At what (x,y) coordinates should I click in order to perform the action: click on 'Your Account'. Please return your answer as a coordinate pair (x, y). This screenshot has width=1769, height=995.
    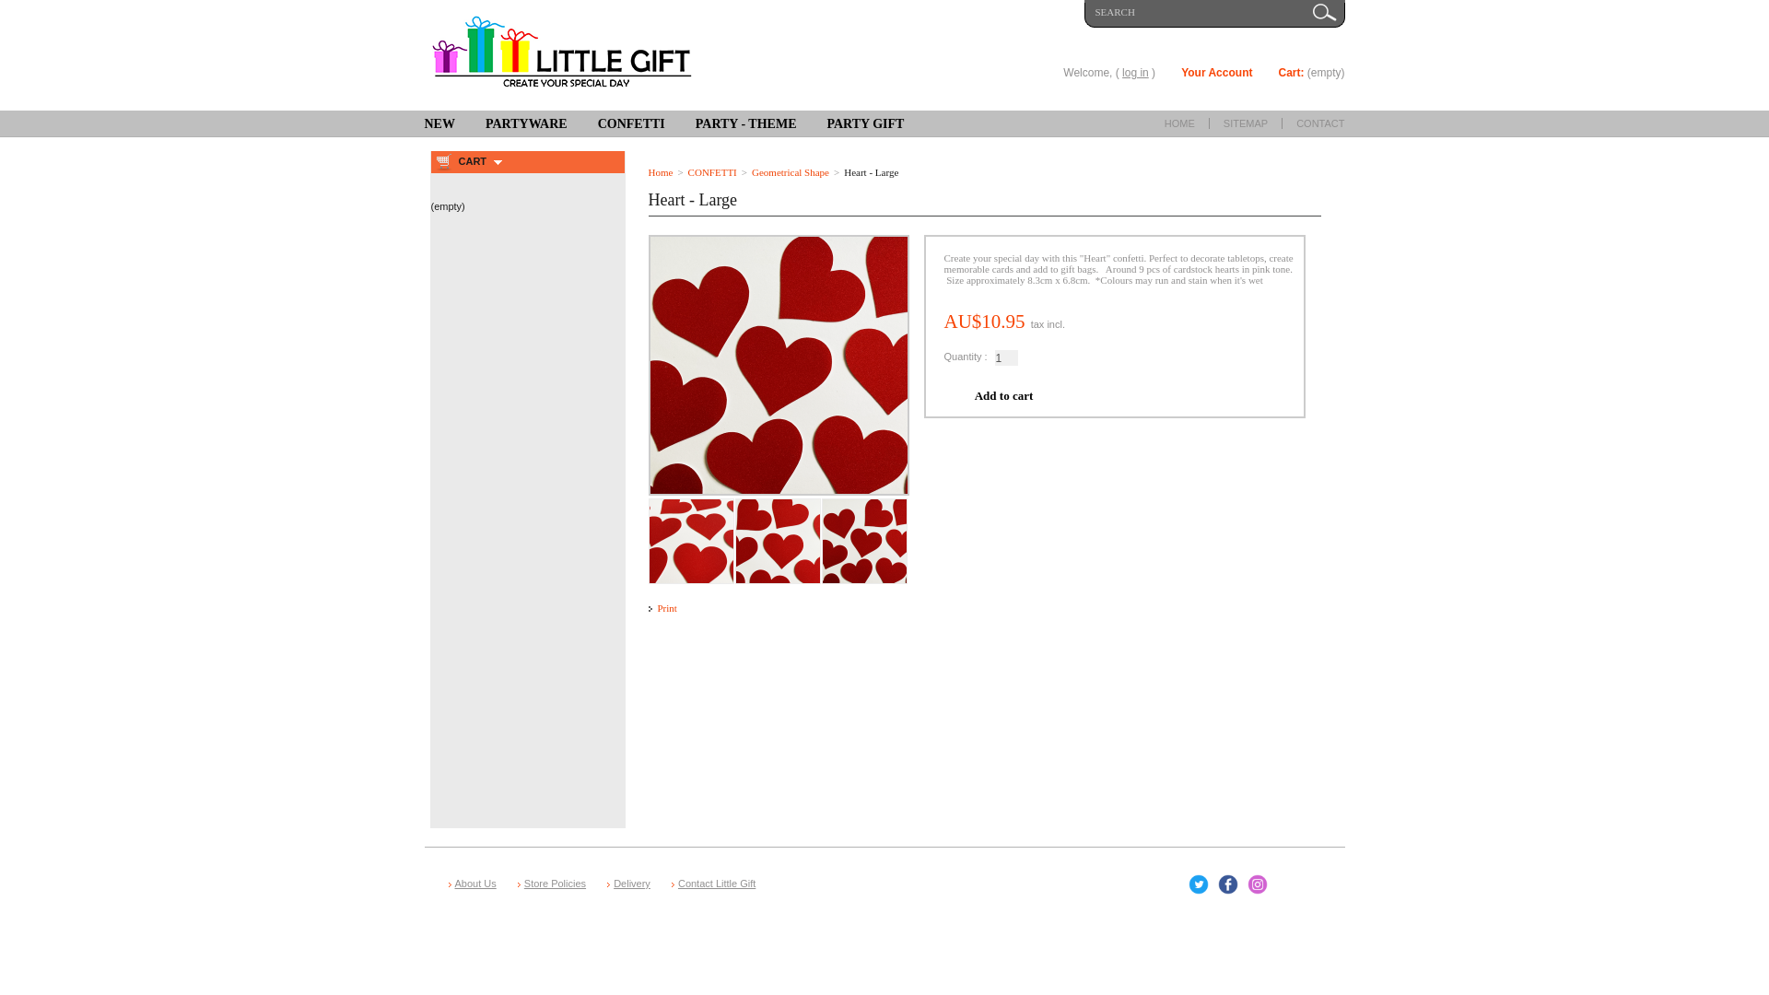
    Looking at the image, I should click on (1179, 71).